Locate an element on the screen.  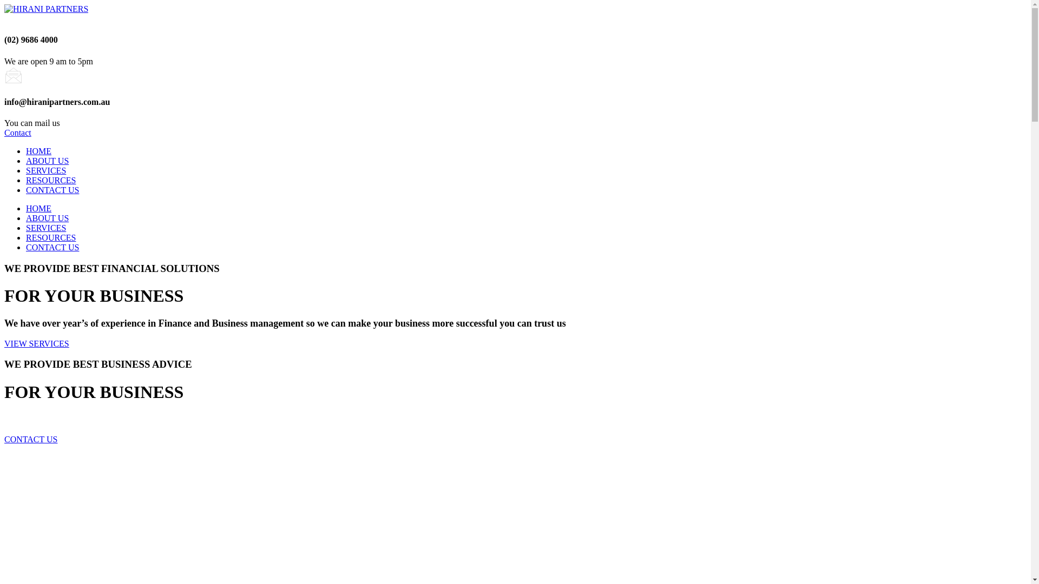
'VIEW SERVICES' is located at coordinates (36, 343).